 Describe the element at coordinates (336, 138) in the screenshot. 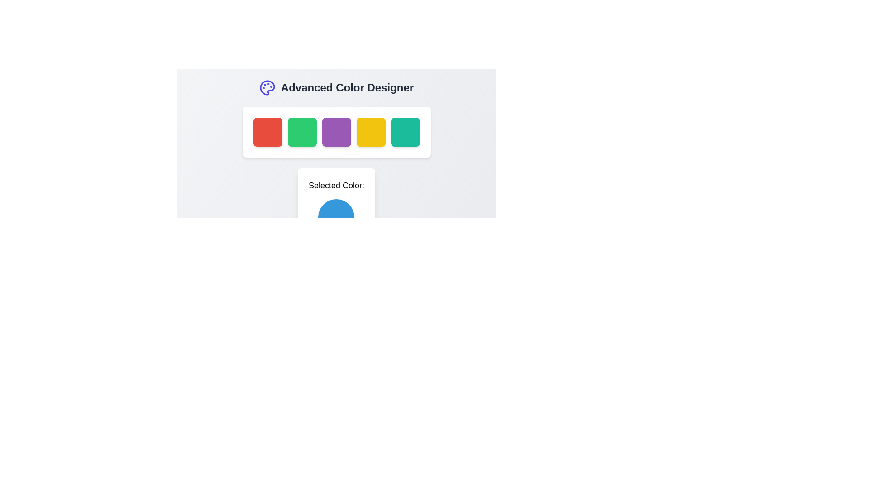

I see `the distinctively highlighted purple tile in the color palette selector` at that location.